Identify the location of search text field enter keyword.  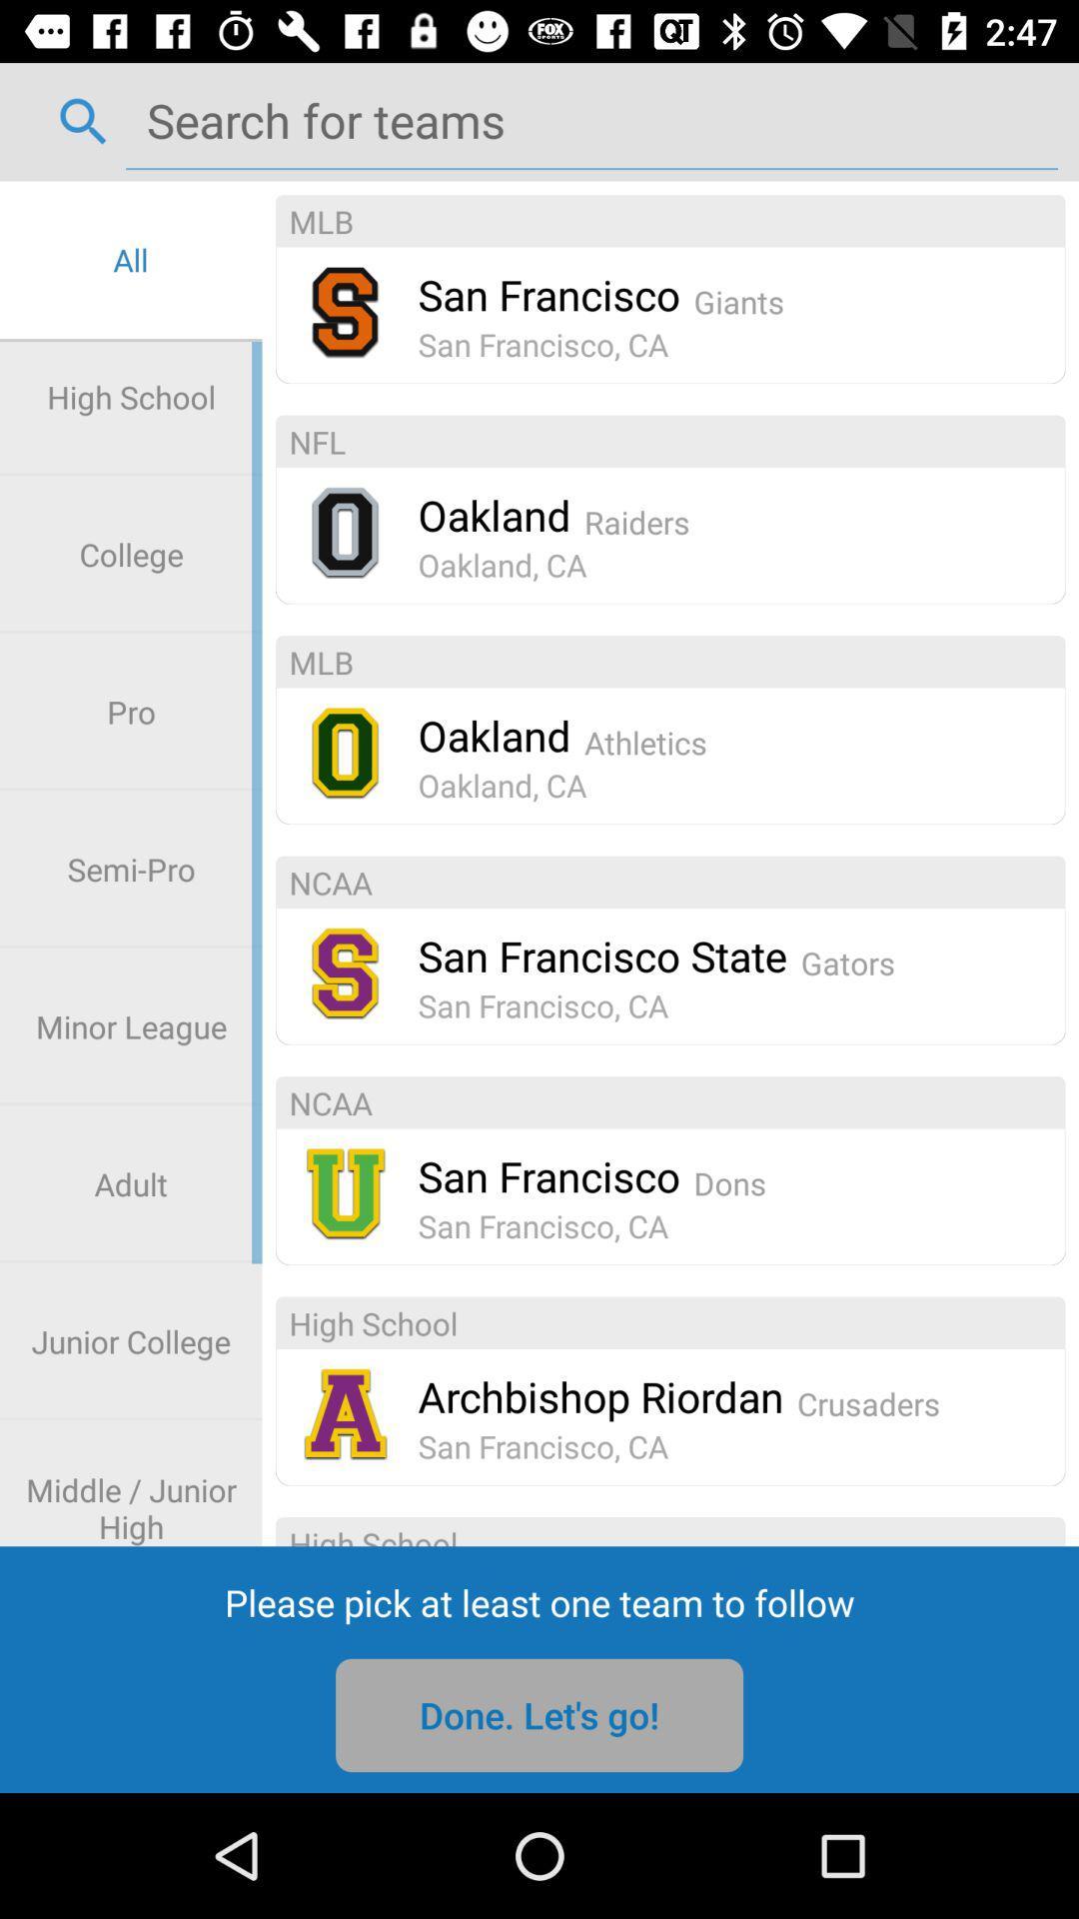
(590, 119).